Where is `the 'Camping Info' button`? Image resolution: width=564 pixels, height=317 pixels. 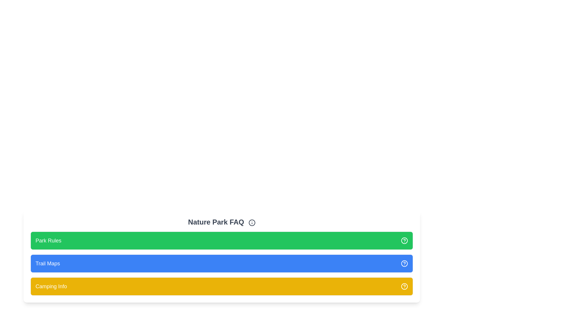
the 'Camping Info' button is located at coordinates (221, 286).